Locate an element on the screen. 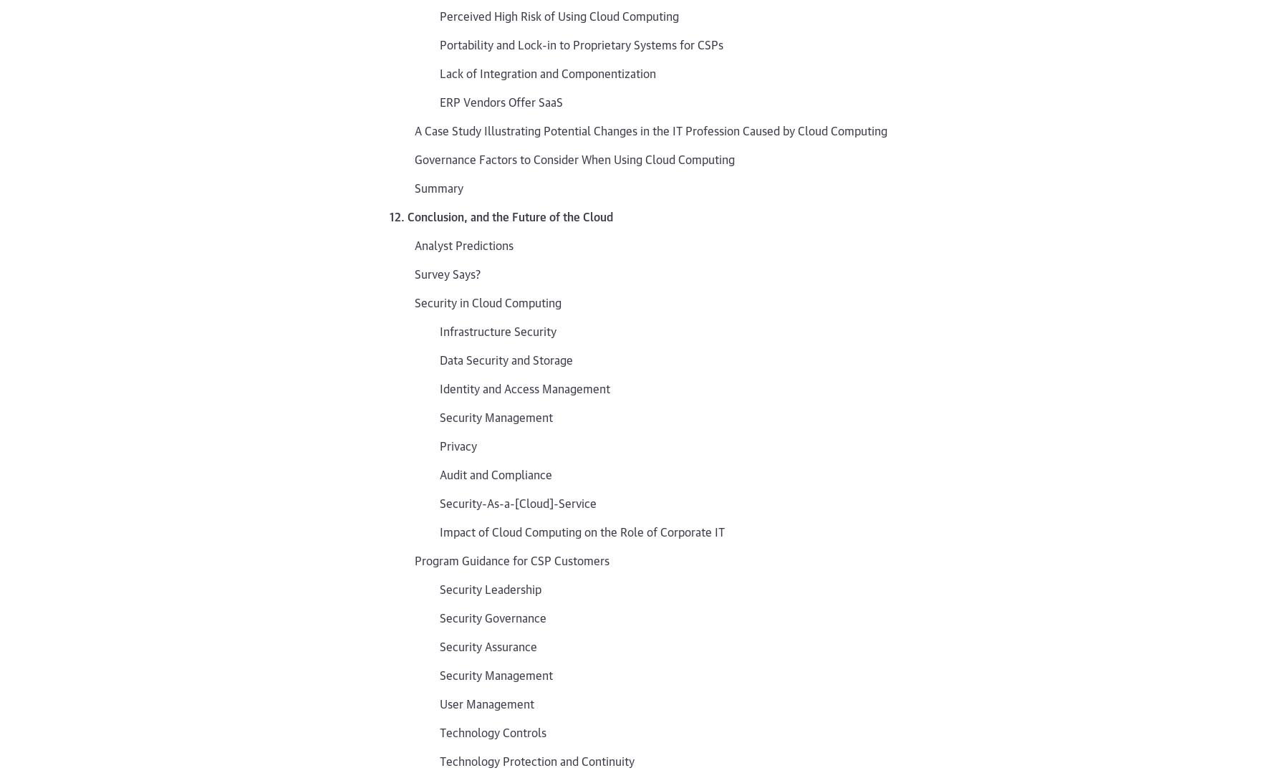  'Security in Cloud Computing' is located at coordinates (488, 302).